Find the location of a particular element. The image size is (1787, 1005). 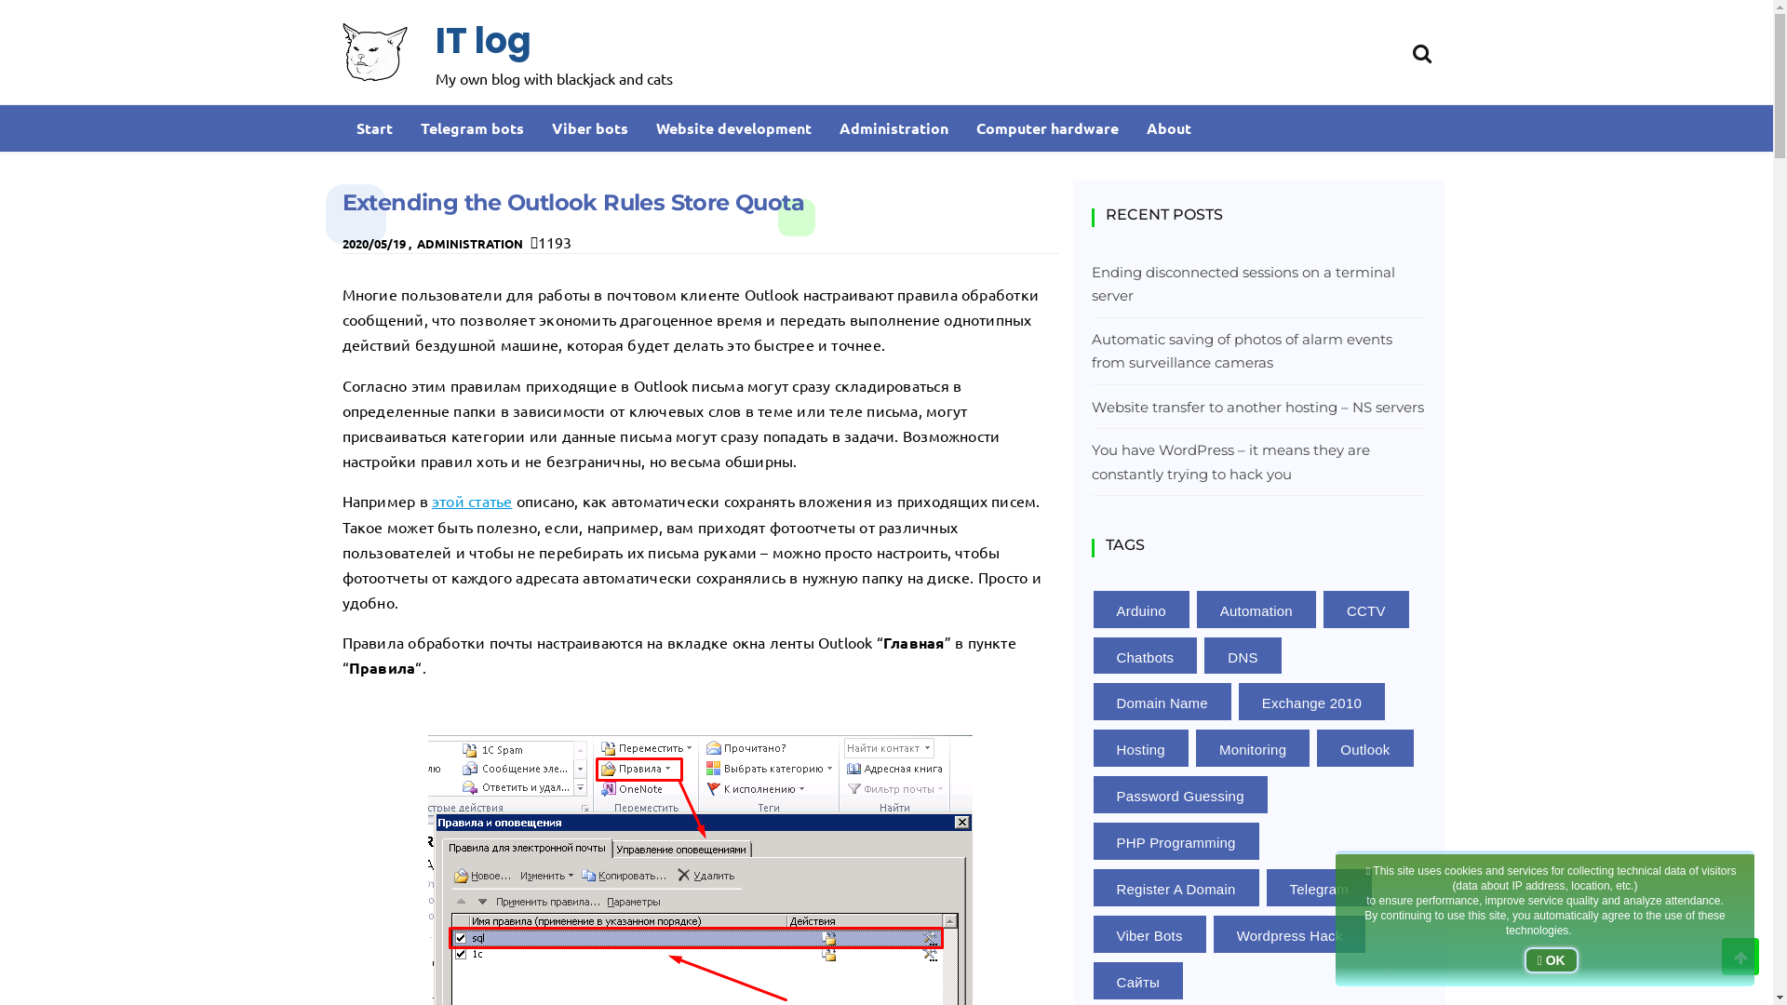

'Password Guessing' is located at coordinates (1093, 794).